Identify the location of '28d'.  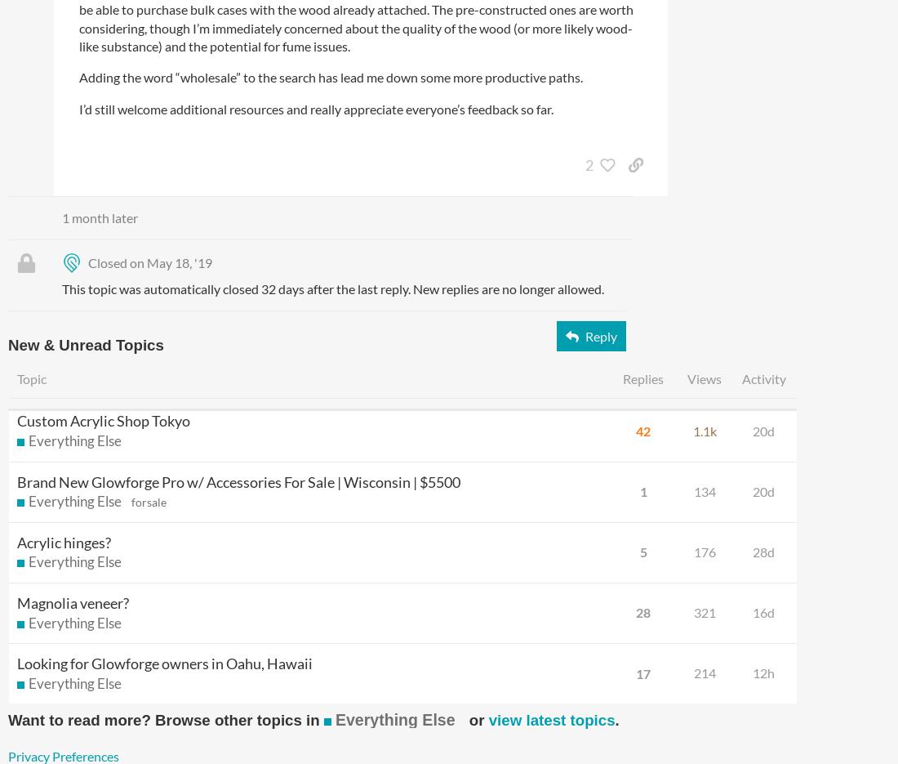
(763, 552).